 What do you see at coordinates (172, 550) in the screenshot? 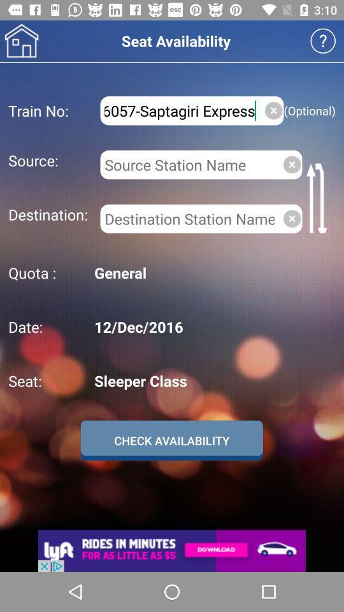
I see `click on advertisement for lyft` at bounding box center [172, 550].